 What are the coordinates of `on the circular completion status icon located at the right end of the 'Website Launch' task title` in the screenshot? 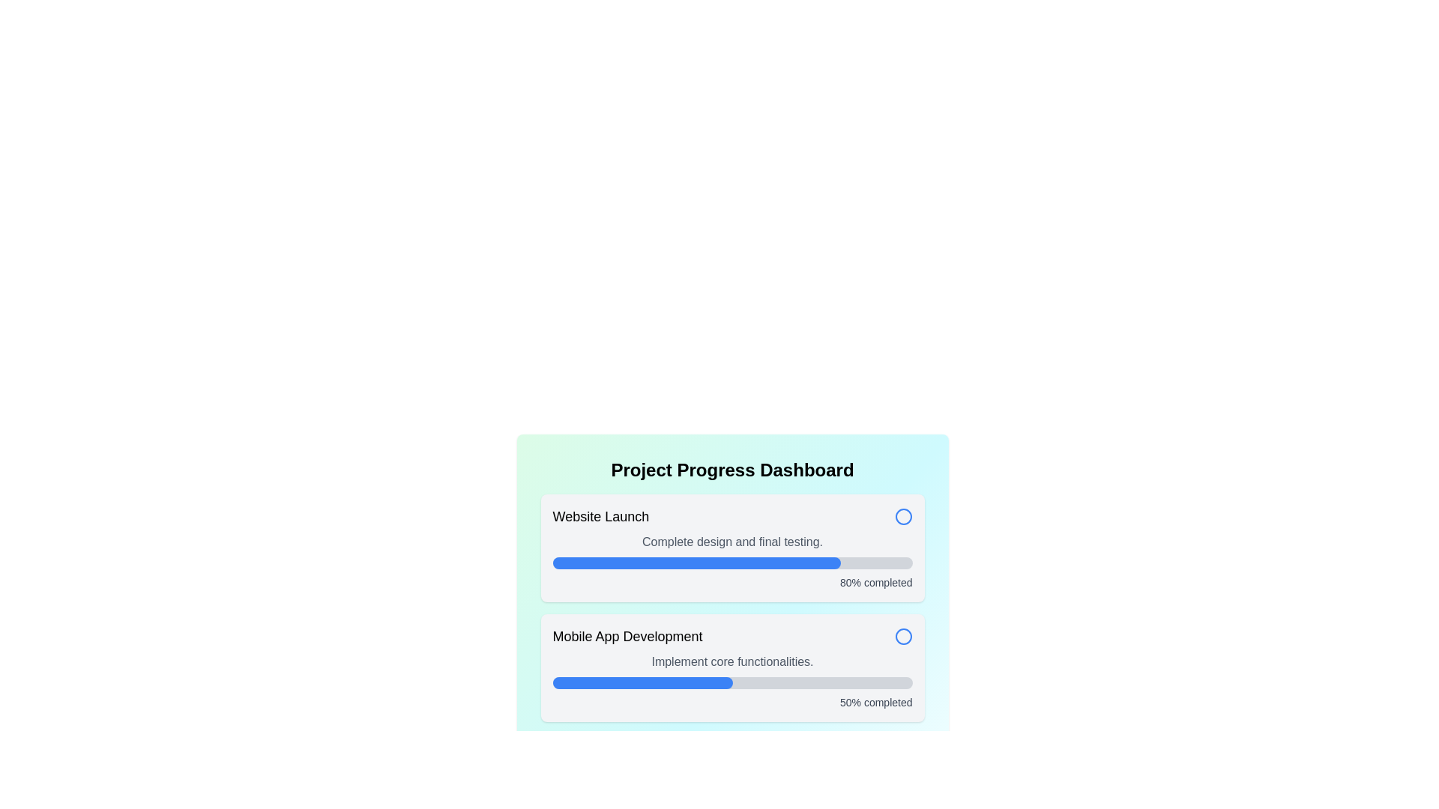 It's located at (902, 516).